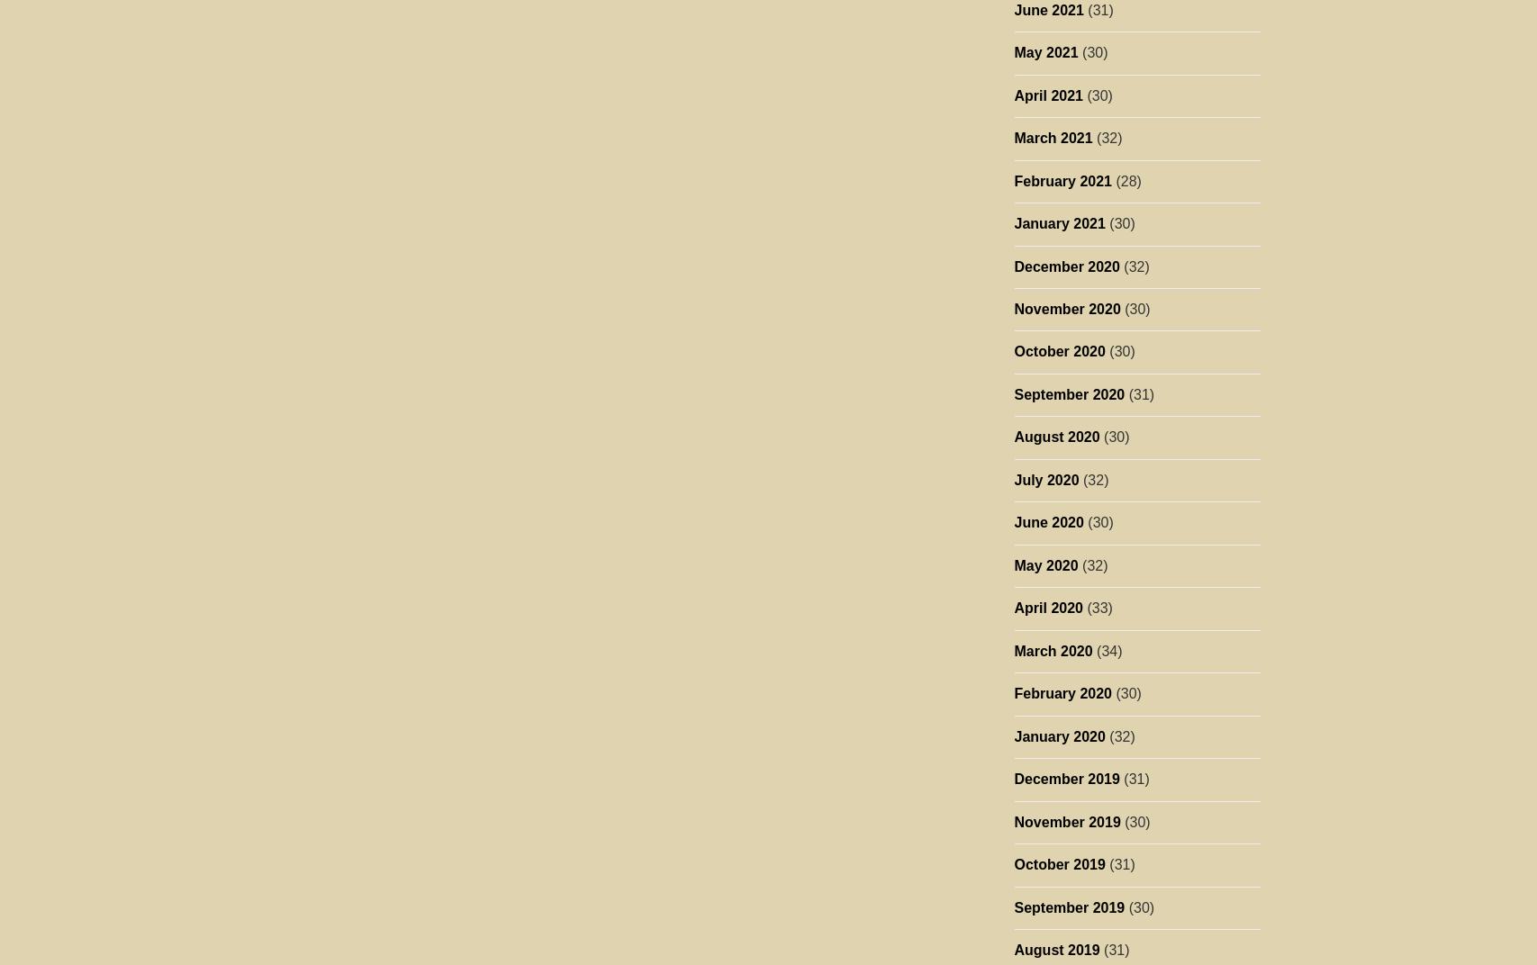 This screenshot has width=1537, height=965. Describe the element at coordinates (1062, 179) in the screenshot. I see `'February 2021'` at that location.